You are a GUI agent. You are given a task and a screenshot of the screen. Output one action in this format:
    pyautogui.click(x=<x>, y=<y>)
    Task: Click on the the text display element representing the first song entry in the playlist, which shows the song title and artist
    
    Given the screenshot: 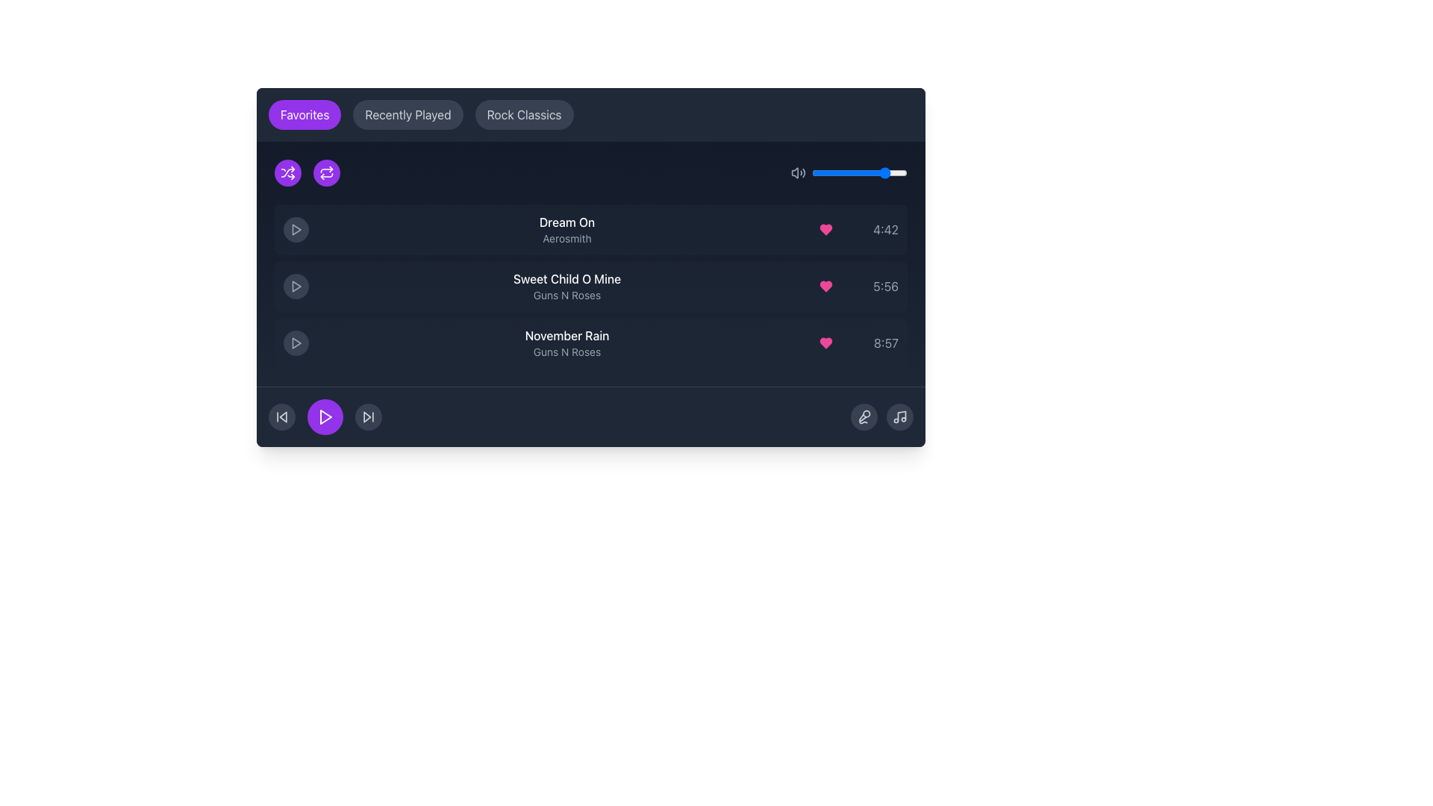 What is the action you would take?
    pyautogui.click(x=566, y=230)
    